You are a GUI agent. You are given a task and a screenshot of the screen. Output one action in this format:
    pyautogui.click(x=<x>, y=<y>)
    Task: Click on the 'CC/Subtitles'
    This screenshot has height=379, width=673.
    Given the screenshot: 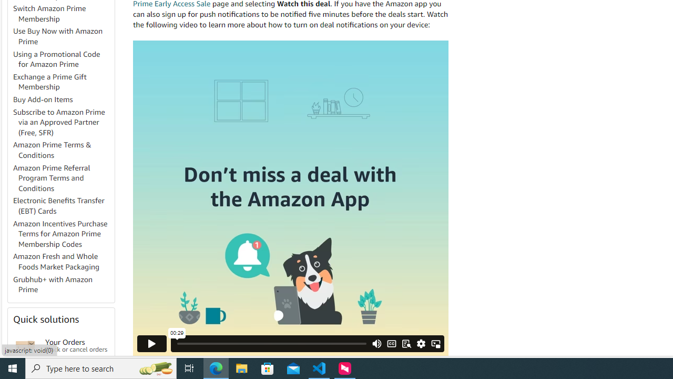 What is the action you would take?
    pyautogui.click(x=391, y=343)
    